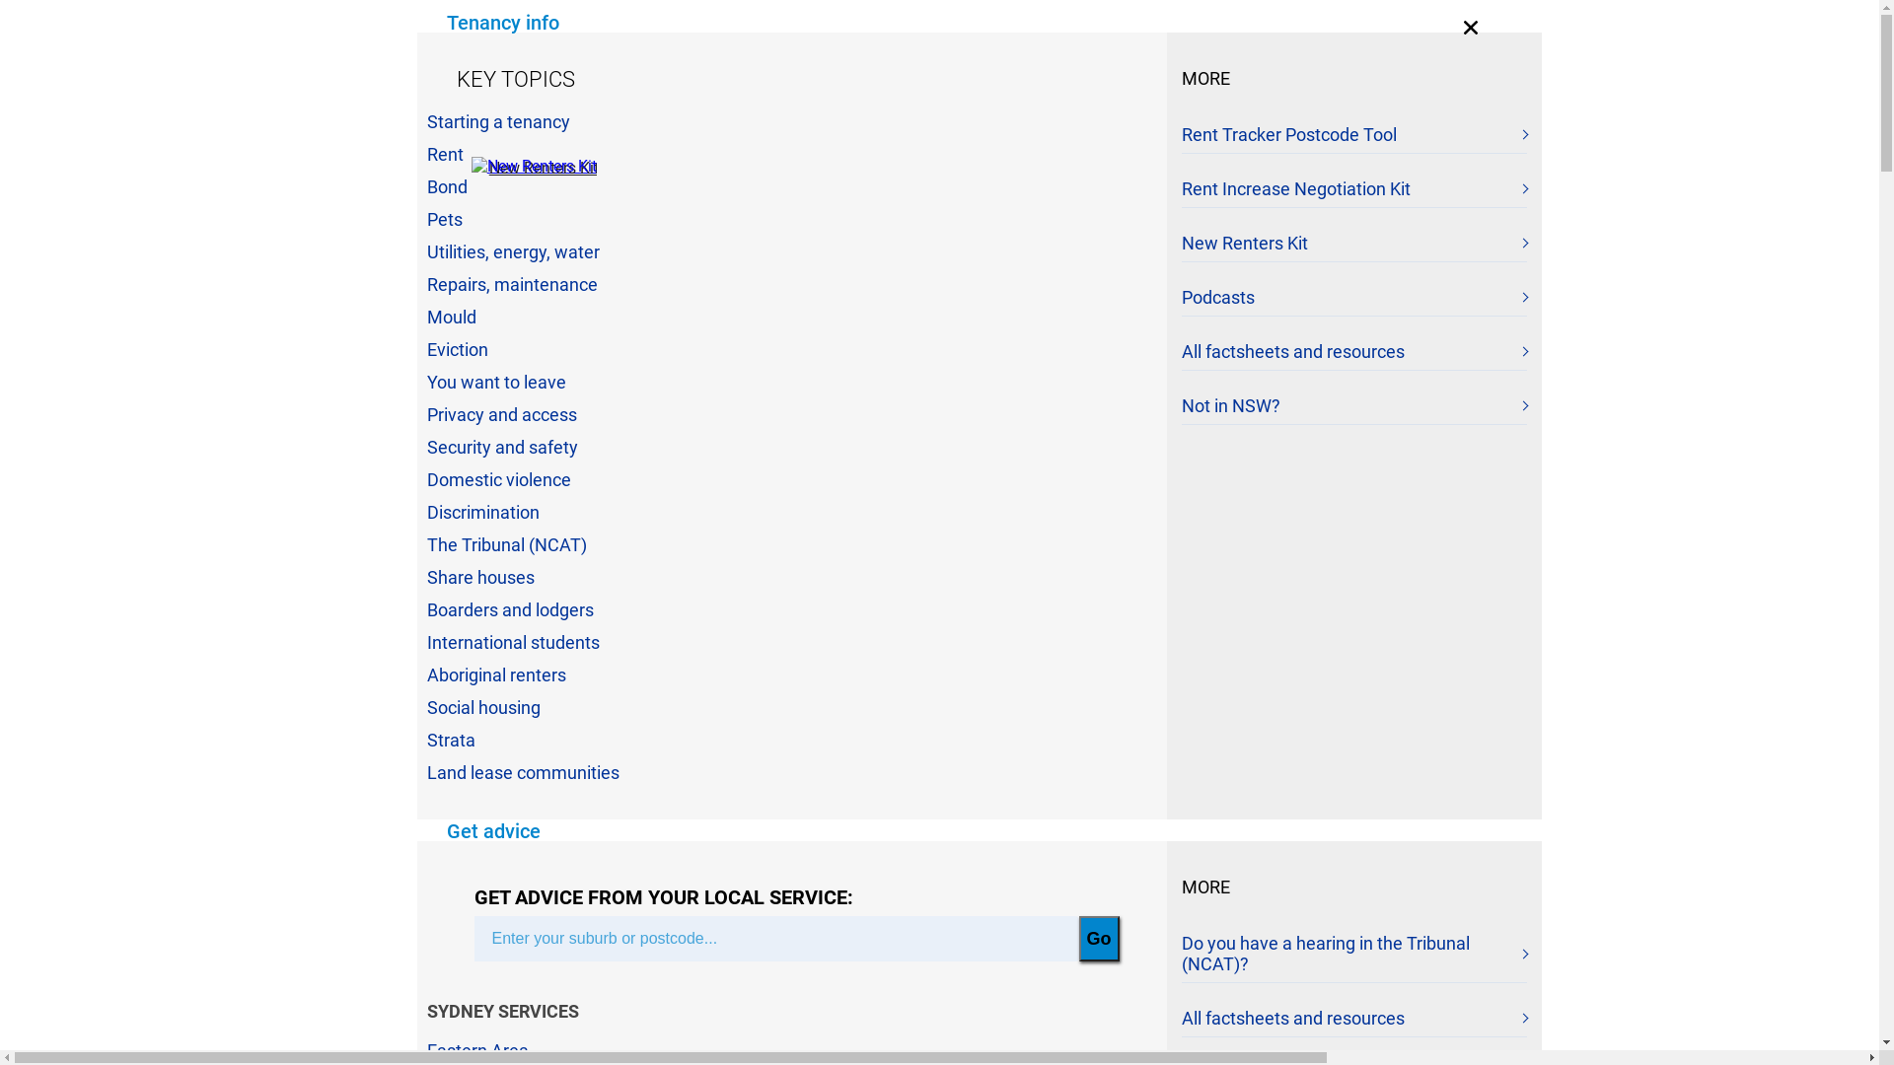  Describe the element at coordinates (425, 479) in the screenshot. I see `'Domestic violence'` at that location.